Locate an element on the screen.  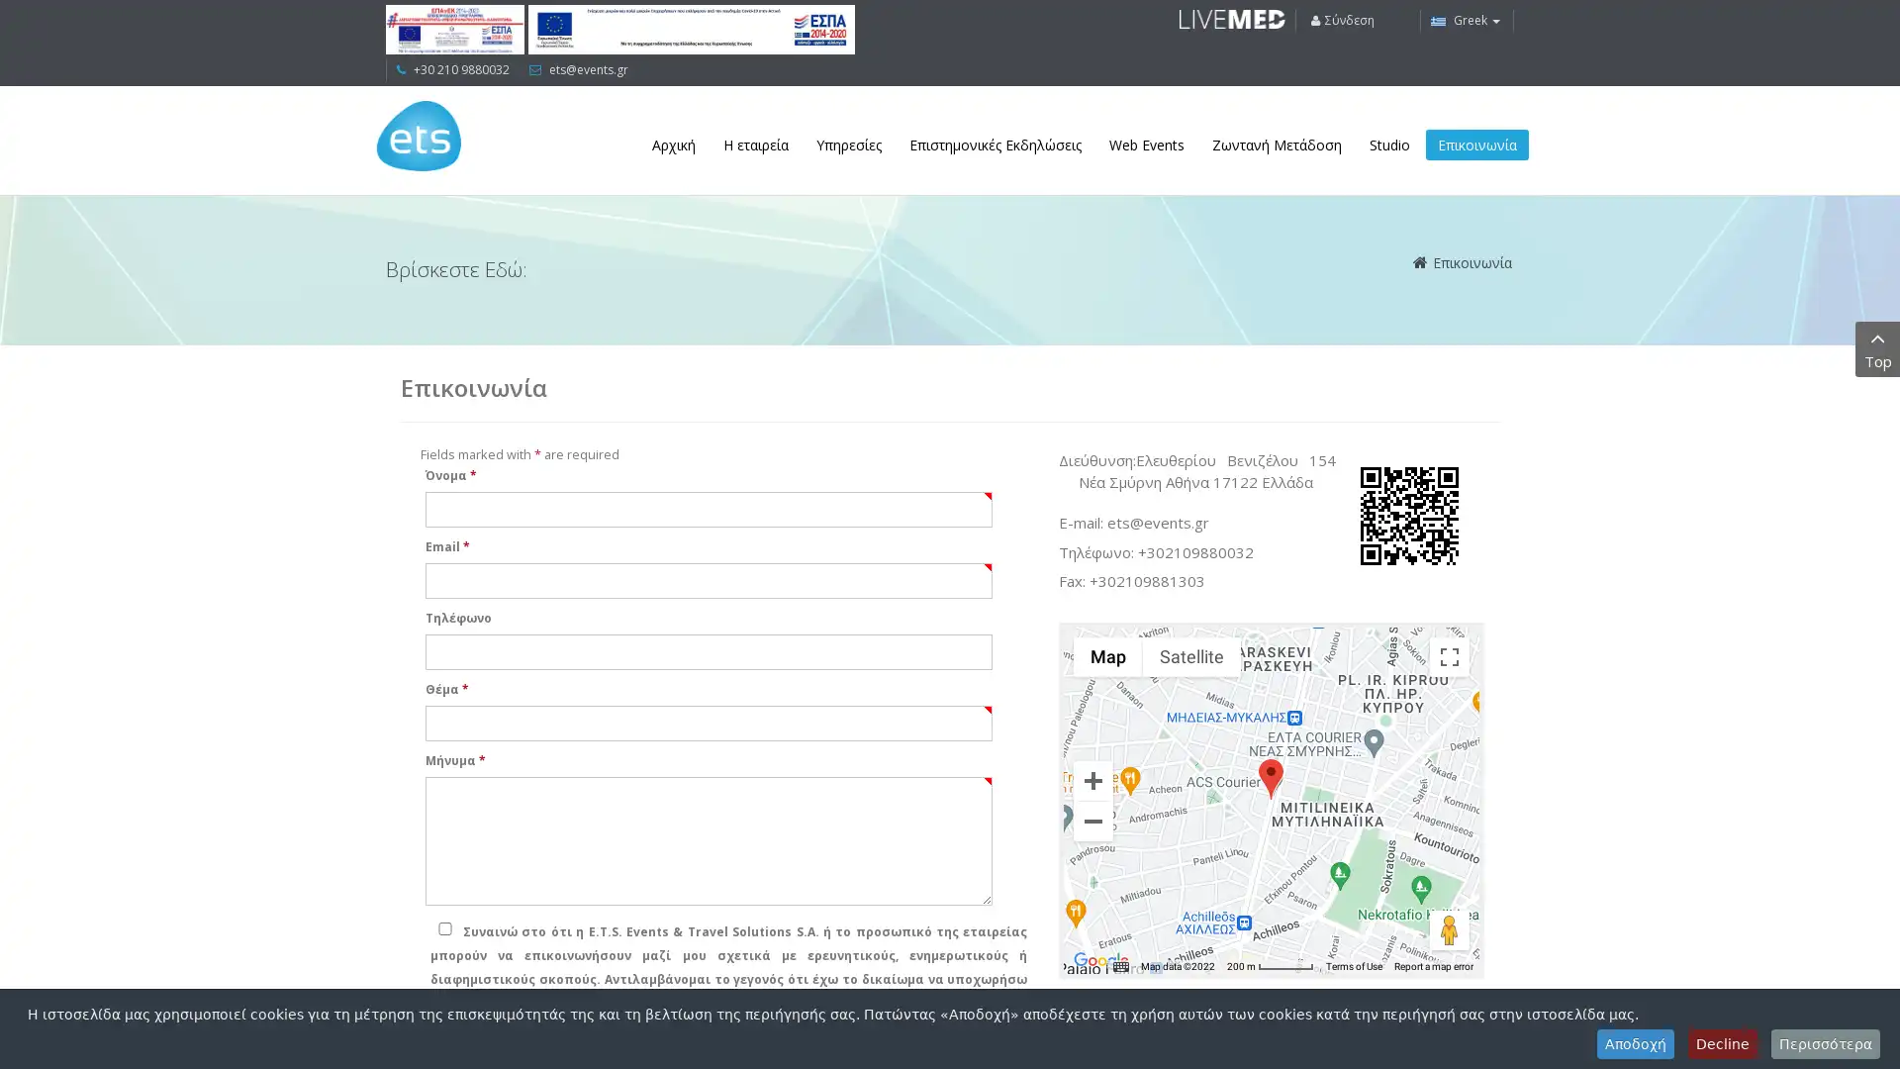
Zoom in is located at coordinates (1092, 778).